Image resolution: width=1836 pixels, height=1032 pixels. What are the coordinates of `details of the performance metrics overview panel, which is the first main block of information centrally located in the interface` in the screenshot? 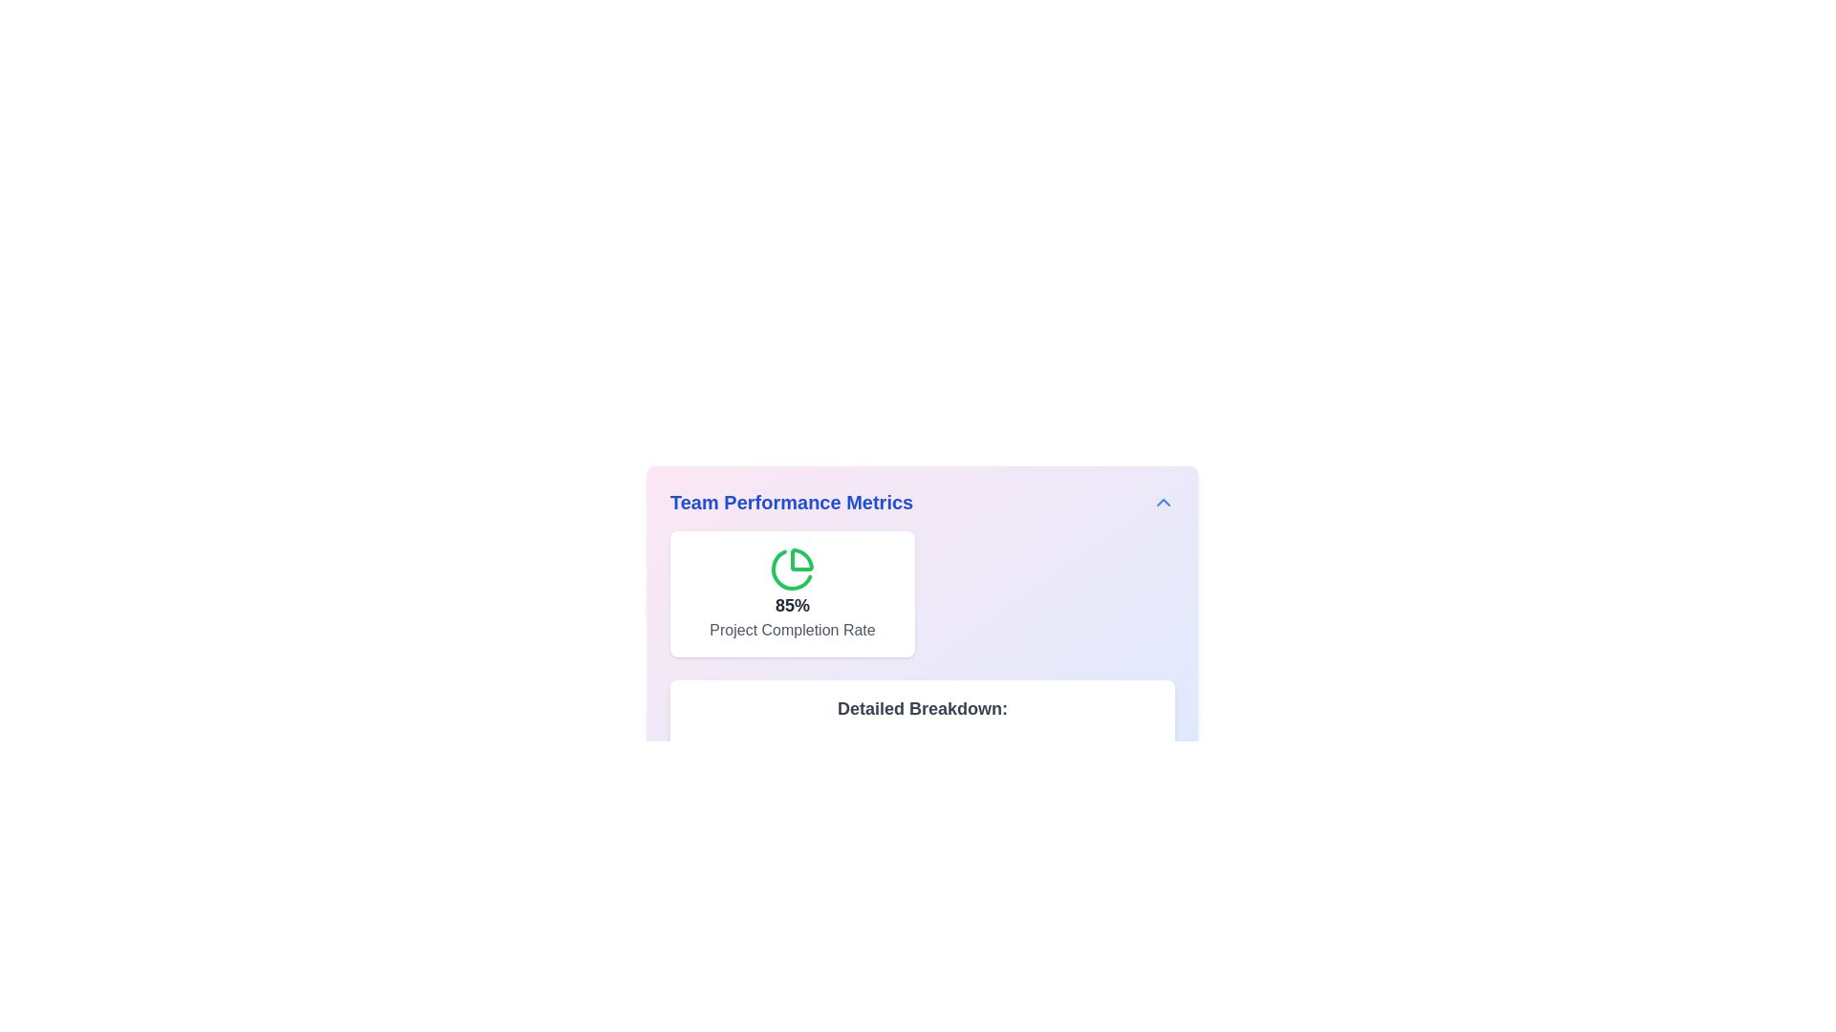 It's located at (922, 662).